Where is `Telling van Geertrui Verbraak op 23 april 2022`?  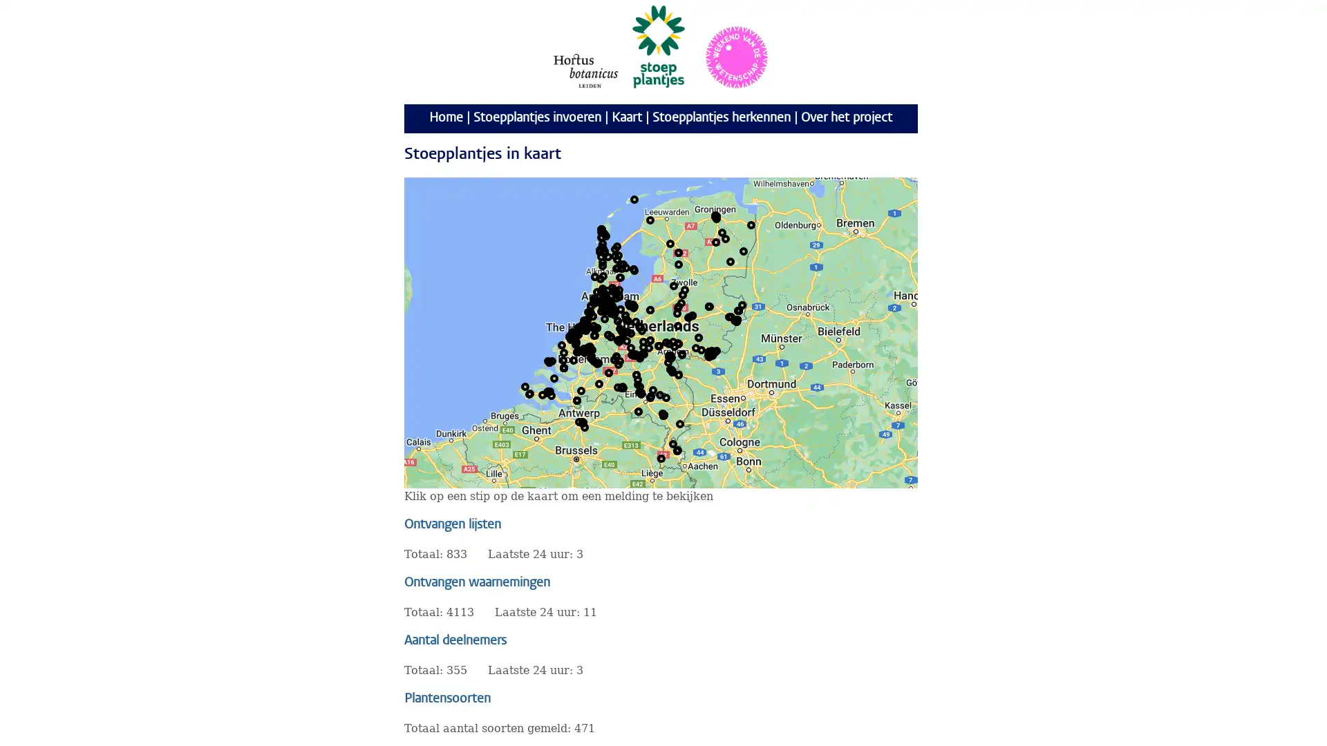
Telling van Geertrui Verbraak op 23 april 2022 is located at coordinates (610, 336).